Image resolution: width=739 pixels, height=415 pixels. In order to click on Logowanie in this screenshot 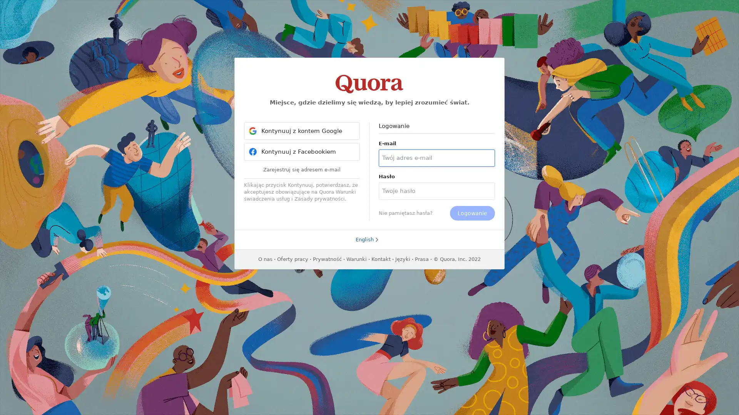, I will do `click(472, 213)`.